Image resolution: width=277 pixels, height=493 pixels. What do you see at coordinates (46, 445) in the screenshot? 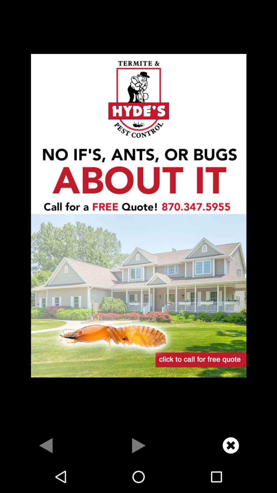
I see `go back` at bounding box center [46, 445].